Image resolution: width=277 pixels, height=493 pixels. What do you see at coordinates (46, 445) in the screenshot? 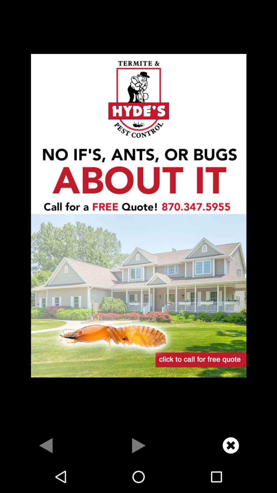
I see `go back` at bounding box center [46, 445].